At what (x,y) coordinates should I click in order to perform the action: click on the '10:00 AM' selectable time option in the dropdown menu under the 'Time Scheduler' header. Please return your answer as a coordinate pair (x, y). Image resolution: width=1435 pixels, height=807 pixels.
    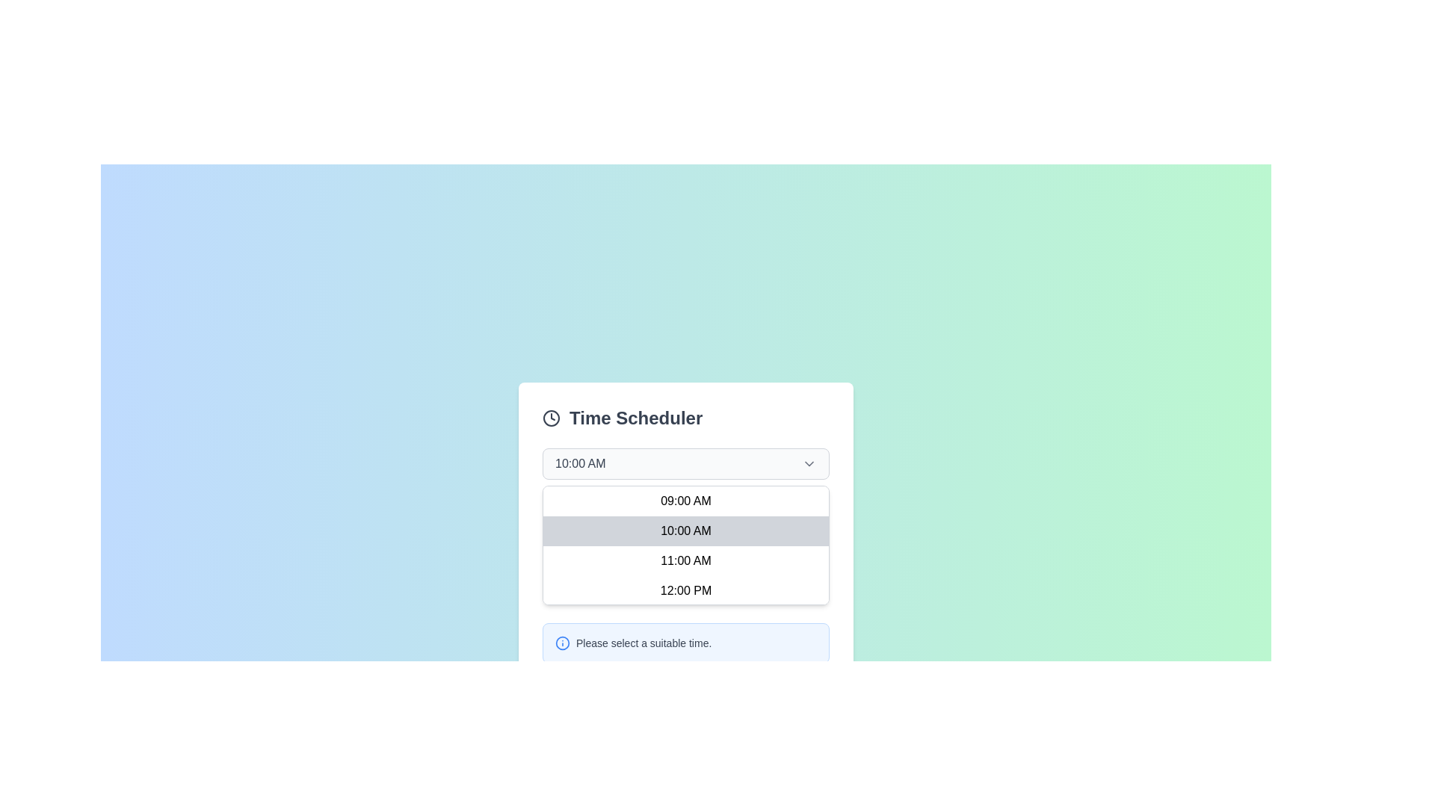
    Looking at the image, I should click on (685, 526).